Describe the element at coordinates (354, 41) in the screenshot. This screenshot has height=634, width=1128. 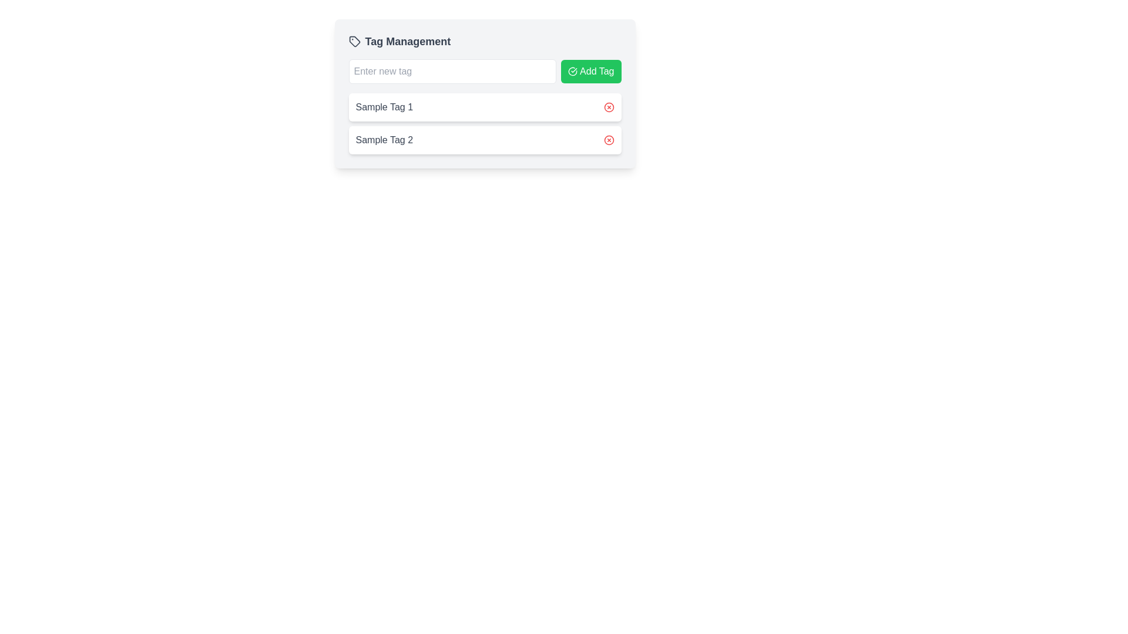
I see `the tag icon located to the left of the 'Tag Management' heading, which is outlined in a thin black line and features a small filled circle at the top left` at that location.